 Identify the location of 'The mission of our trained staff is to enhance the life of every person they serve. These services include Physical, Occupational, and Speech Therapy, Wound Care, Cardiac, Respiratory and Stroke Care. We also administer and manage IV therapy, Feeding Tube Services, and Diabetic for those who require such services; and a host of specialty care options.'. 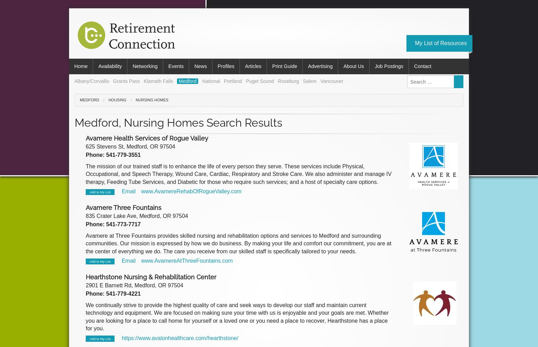
(238, 174).